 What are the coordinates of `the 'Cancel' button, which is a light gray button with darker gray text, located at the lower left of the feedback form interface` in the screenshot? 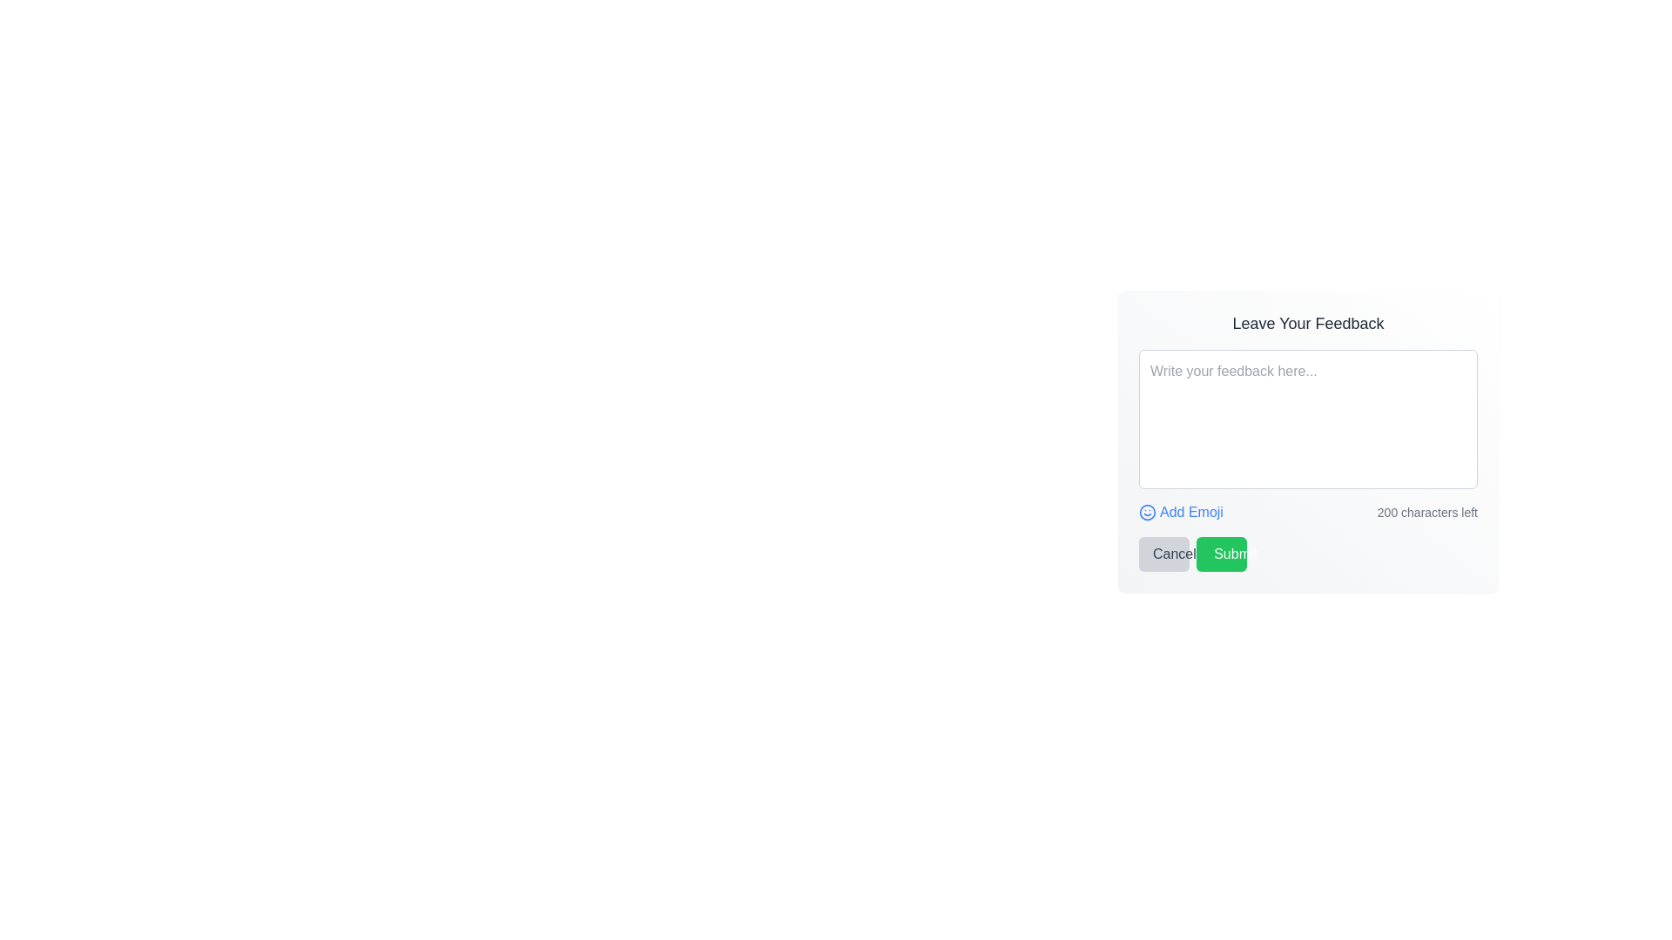 It's located at (1164, 554).